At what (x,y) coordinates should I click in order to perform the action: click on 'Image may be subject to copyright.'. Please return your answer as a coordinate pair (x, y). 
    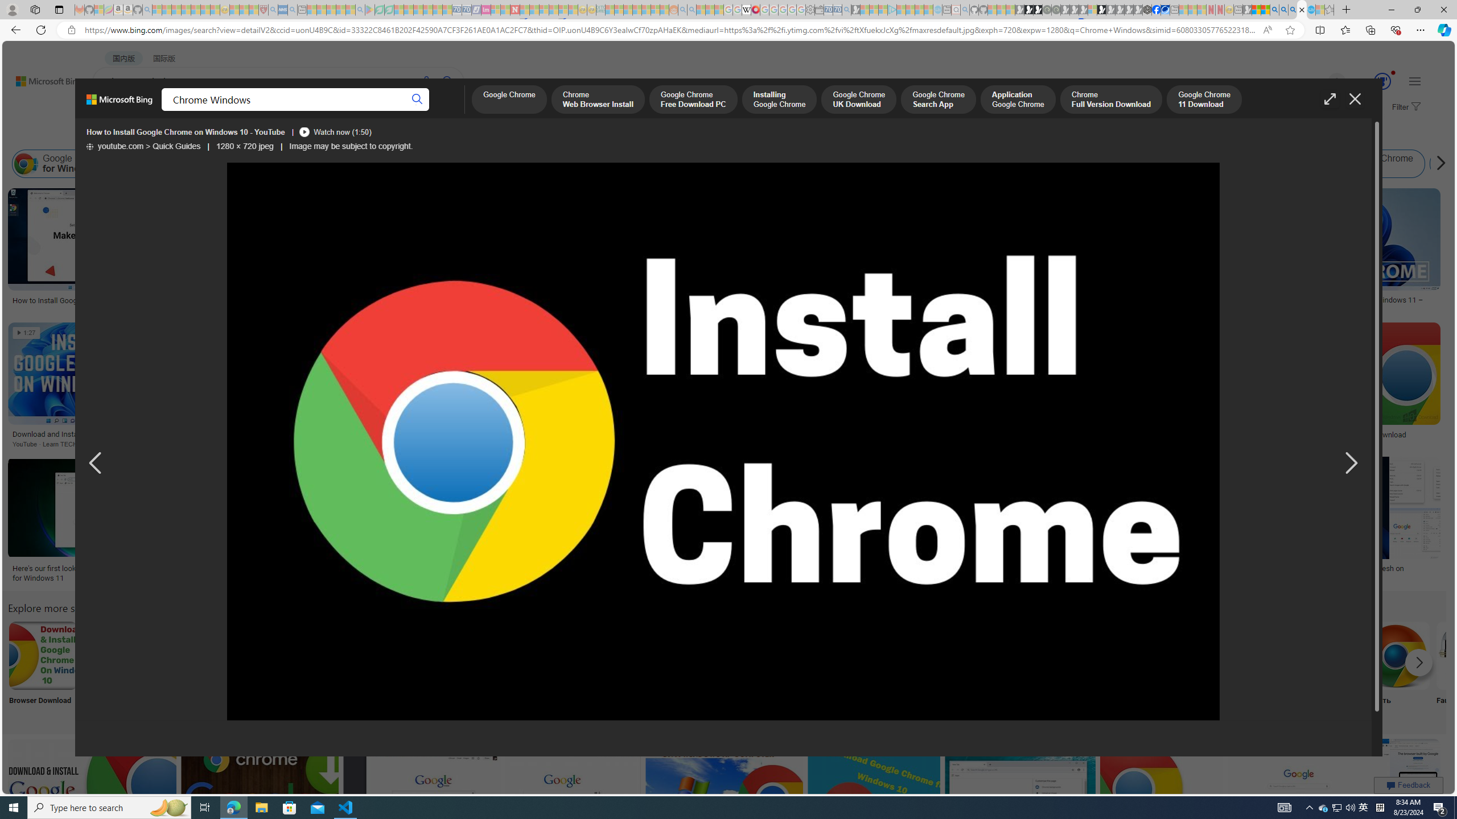
    Looking at the image, I should click on (350, 146).